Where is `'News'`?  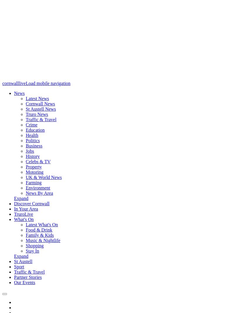 'News' is located at coordinates (13, 93).